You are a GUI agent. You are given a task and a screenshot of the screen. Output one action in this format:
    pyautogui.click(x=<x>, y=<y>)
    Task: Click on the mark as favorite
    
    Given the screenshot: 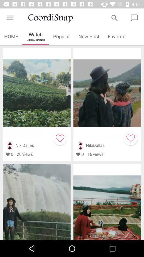 What is the action you would take?
    pyautogui.click(x=60, y=138)
    